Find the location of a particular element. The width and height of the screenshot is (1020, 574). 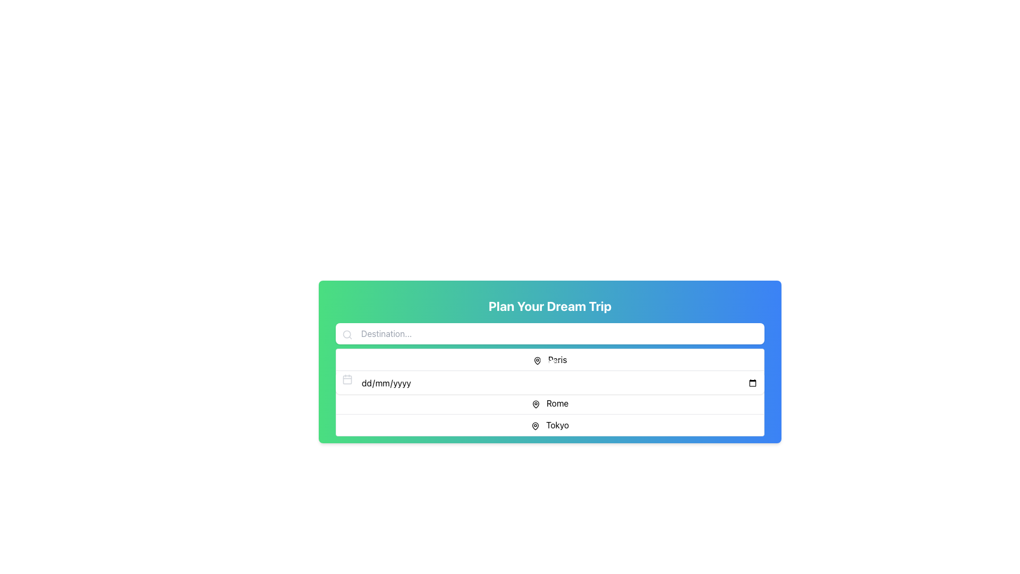

the dropdown menu located below the input field labeled 'Destination...' is located at coordinates (550, 392).